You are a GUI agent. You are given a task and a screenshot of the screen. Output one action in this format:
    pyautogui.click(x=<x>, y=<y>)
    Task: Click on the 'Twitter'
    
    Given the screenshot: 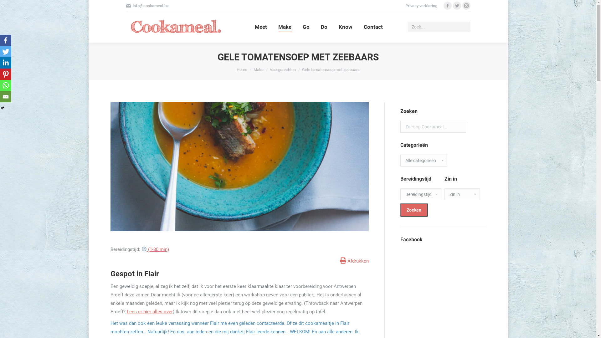 What is the action you would take?
    pyautogui.click(x=6, y=51)
    